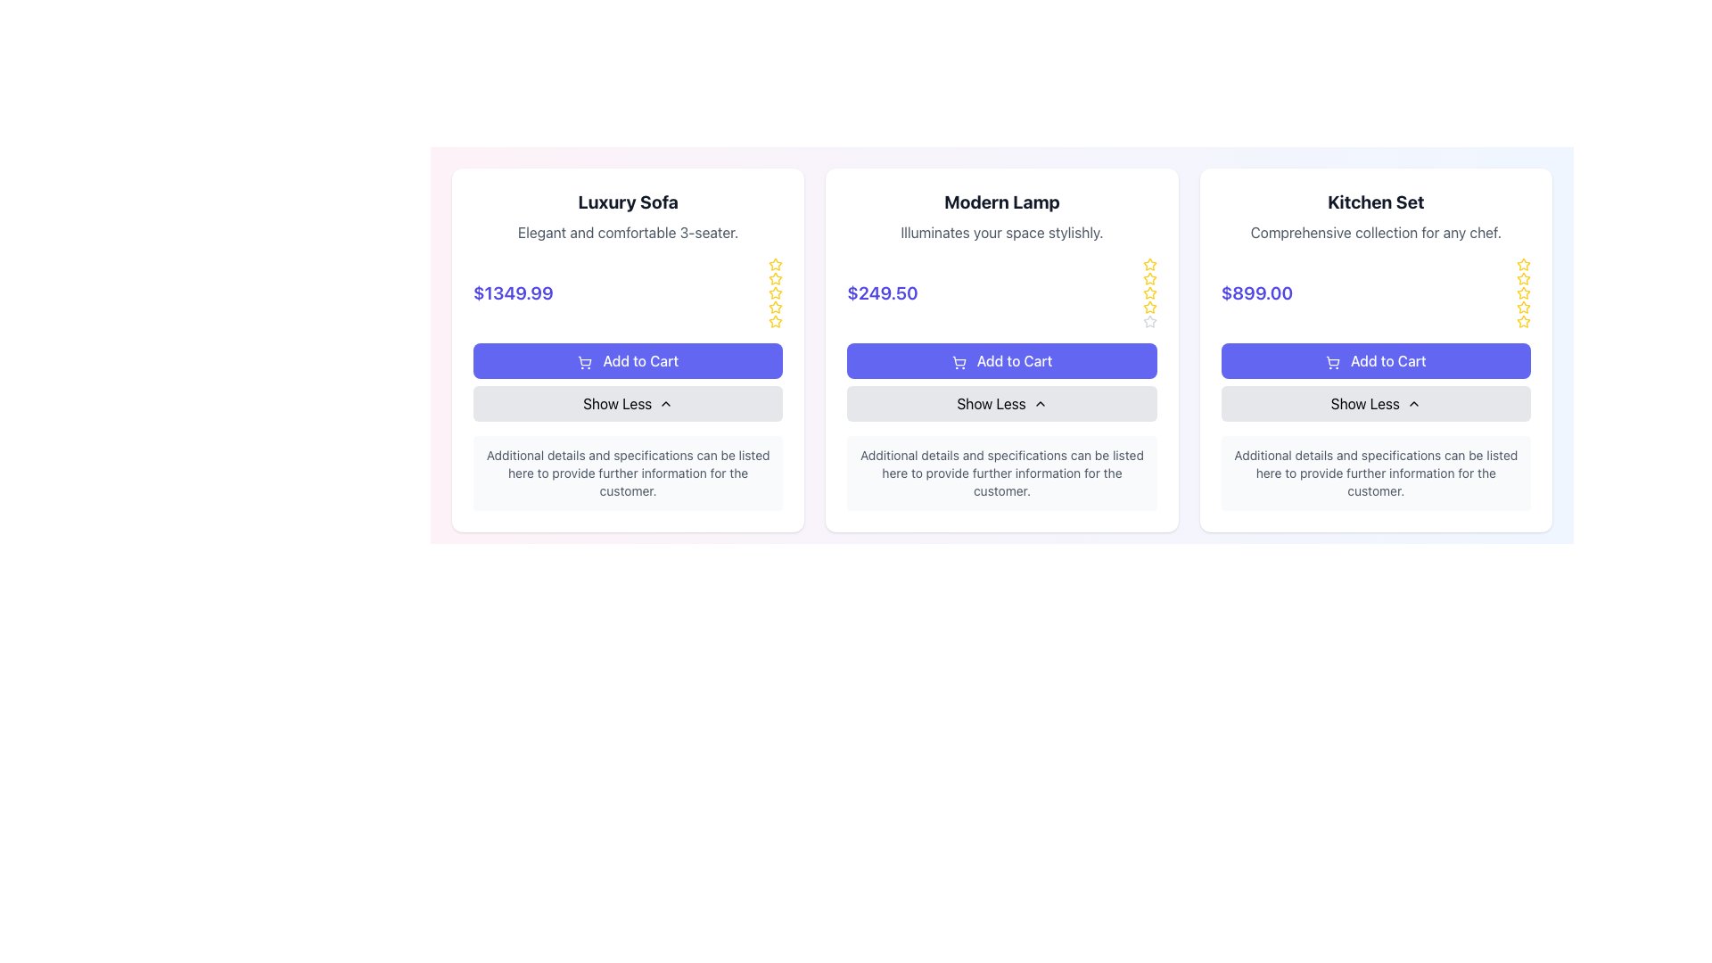  What do you see at coordinates (1149, 306) in the screenshot?
I see `the fourth star icon in the rating section of the 'Modern Lamp' product card` at bounding box center [1149, 306].